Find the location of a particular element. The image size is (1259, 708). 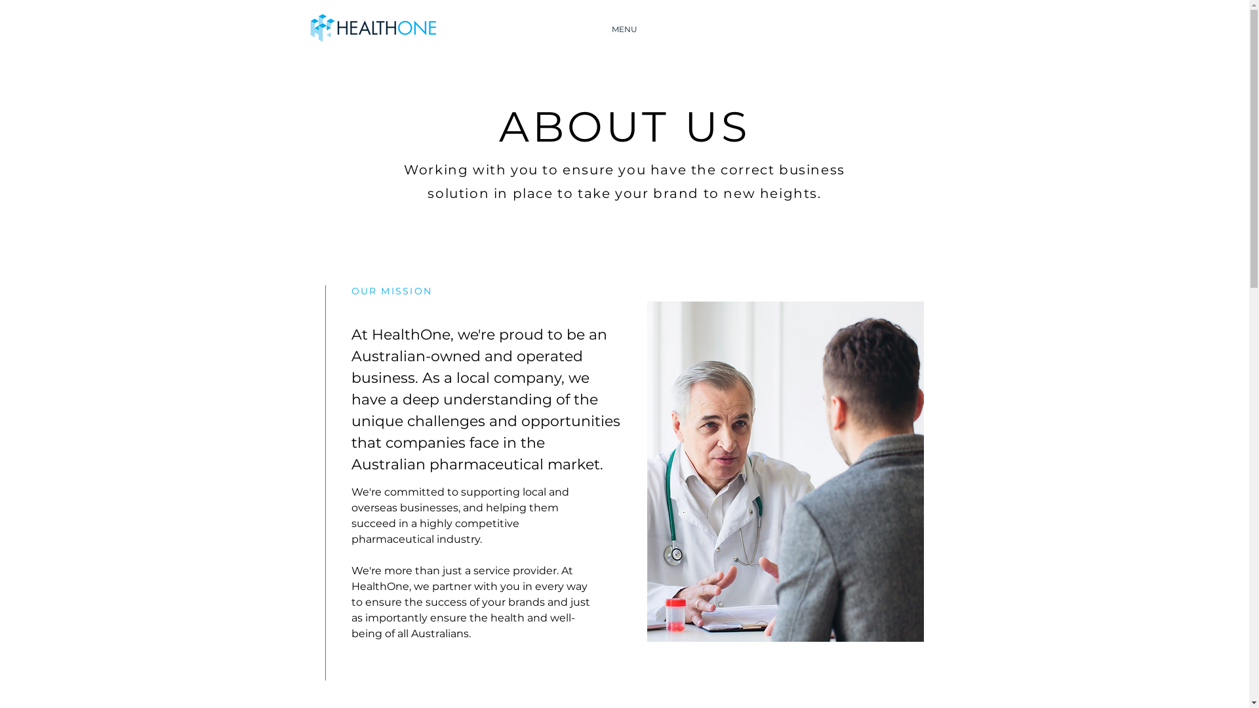

'MENU' is located at coordinates (585, 29).